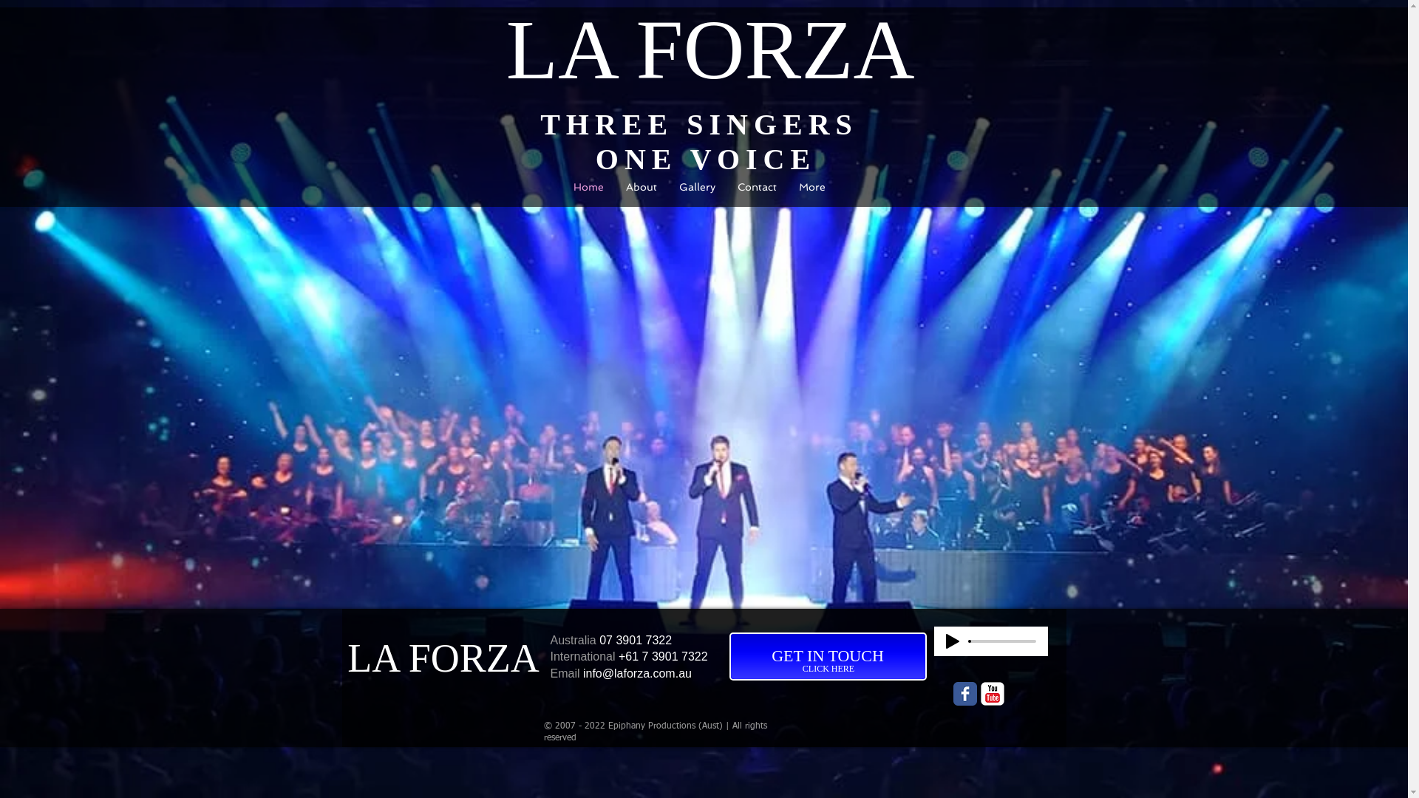  I want to click on 'Contact', so click(726, 190).